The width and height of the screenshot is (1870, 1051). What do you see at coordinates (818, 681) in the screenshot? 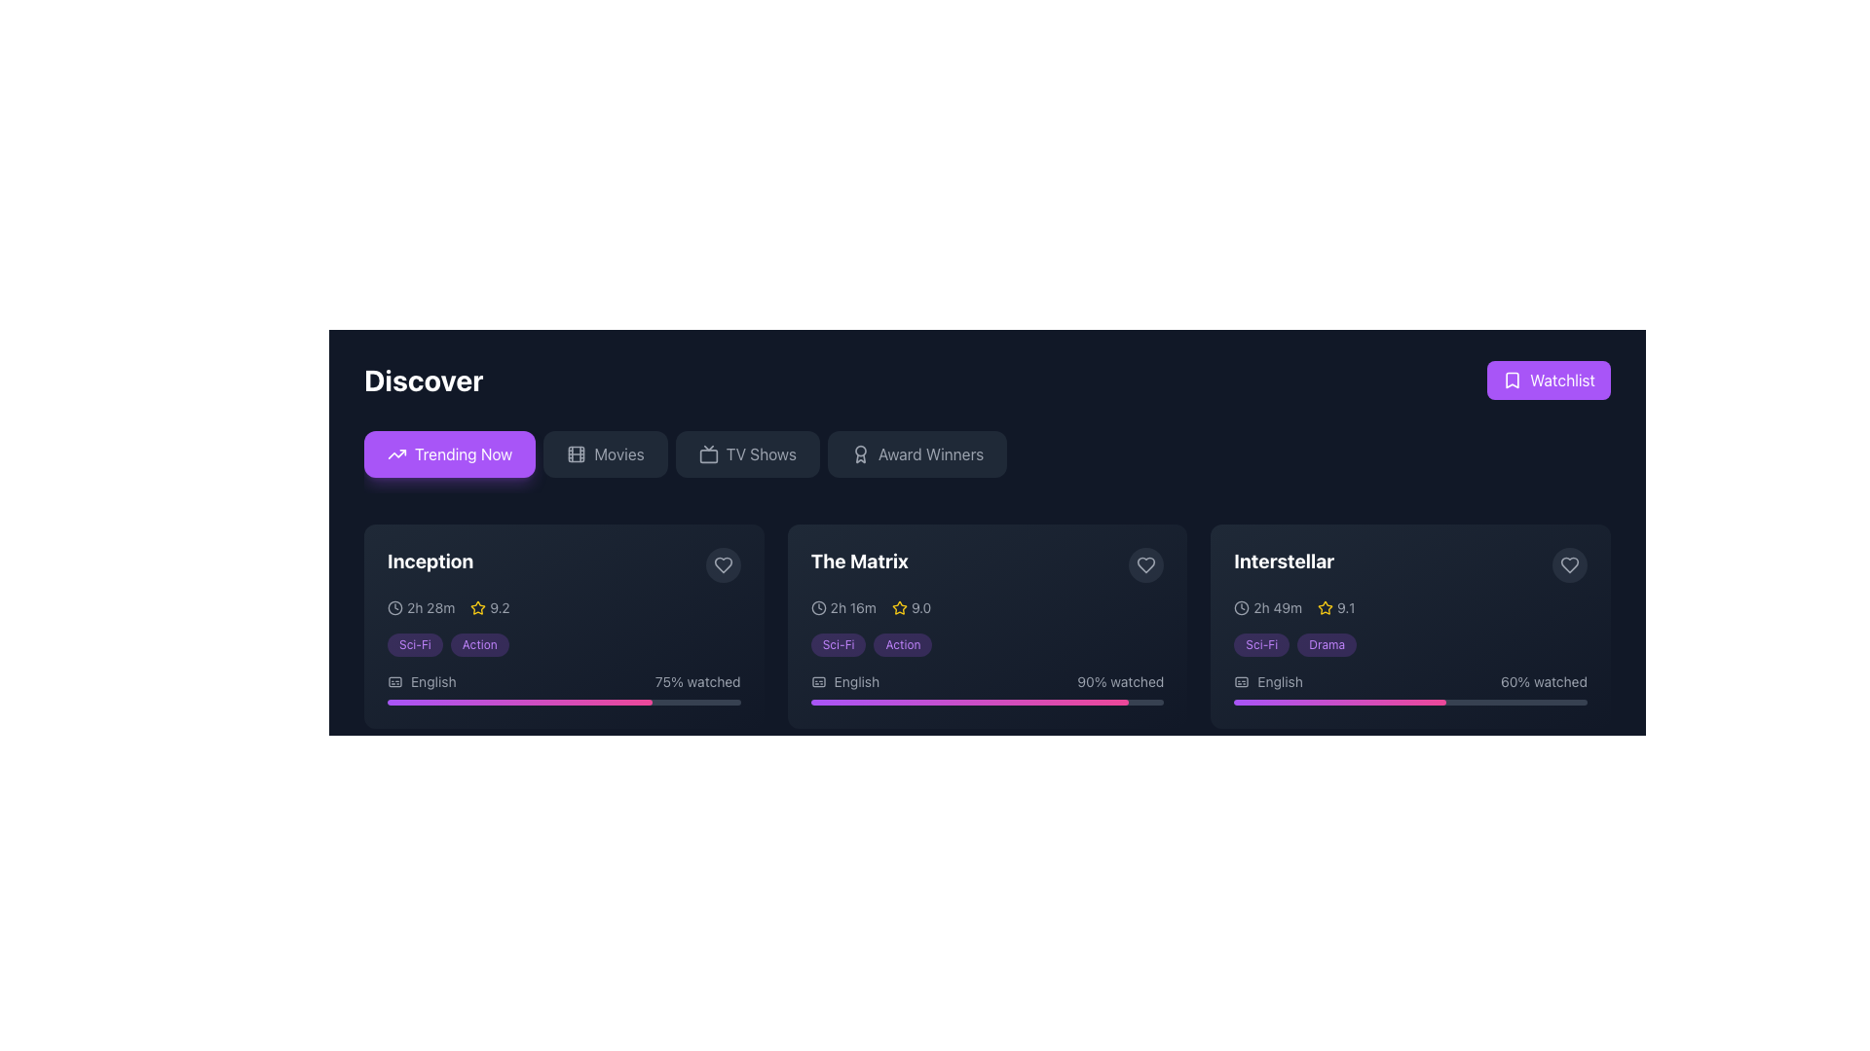
I see `the caption icon, which resembles a rectangular outline with text-like lines inside, positioned to the left of the 'English' text in 'The Matrix' card` at bounding box center [818, 681].